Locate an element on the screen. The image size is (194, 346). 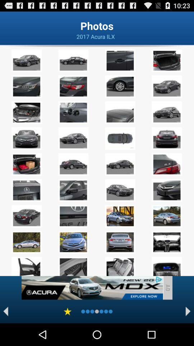
plye putton is located at coordinates (5, 311).